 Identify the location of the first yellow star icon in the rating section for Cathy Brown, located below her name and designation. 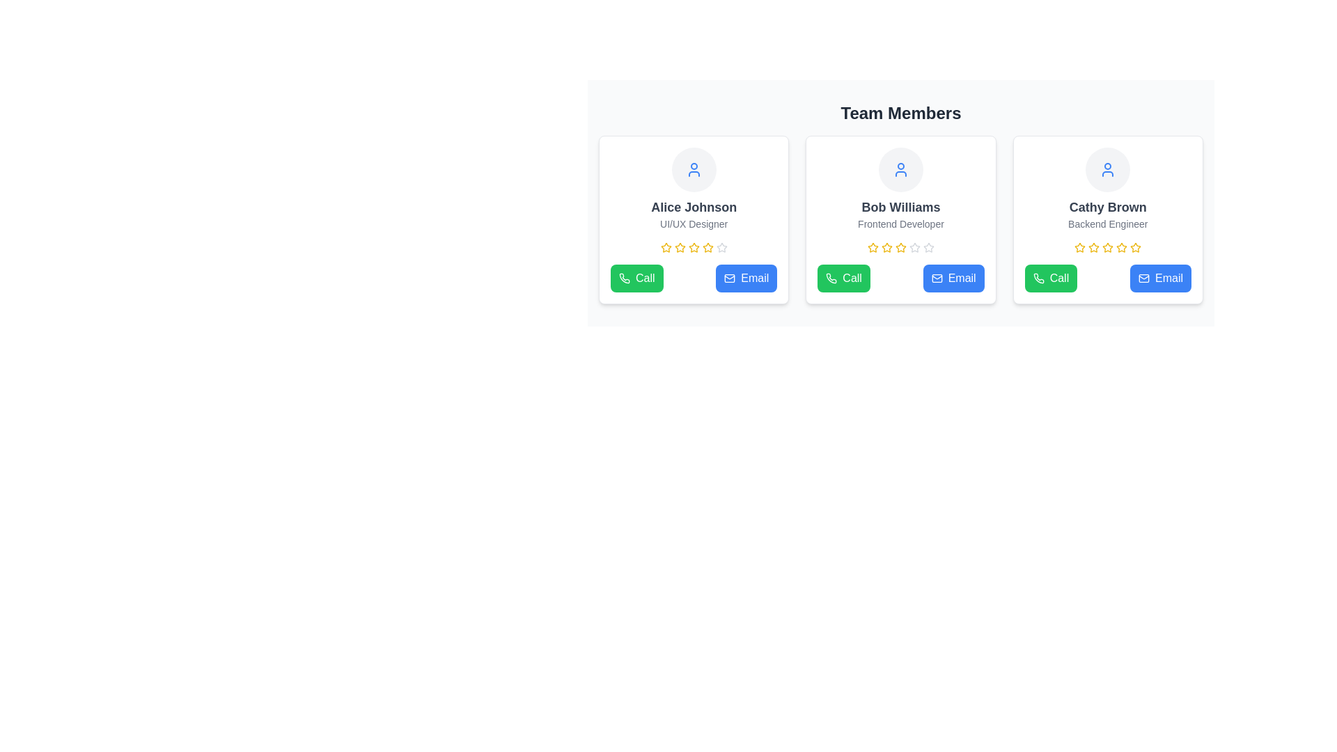
(1079, 246).